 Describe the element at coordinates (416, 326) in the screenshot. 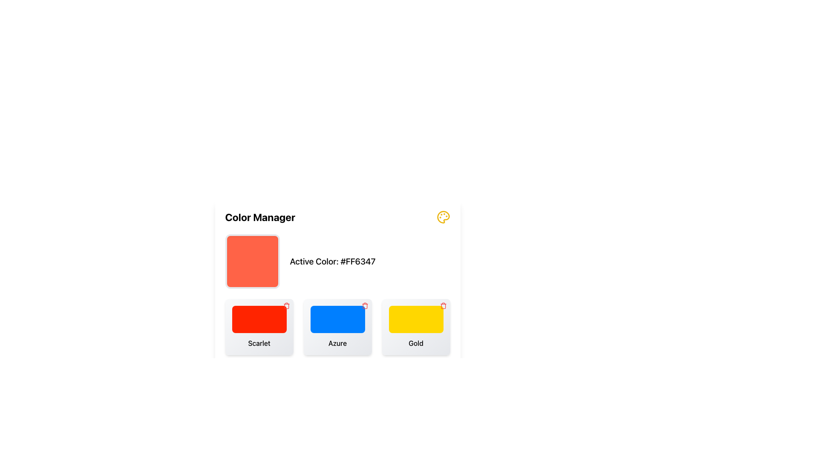

I see `the 'Gold' card in the bottom-right corner of the grid` at that location.